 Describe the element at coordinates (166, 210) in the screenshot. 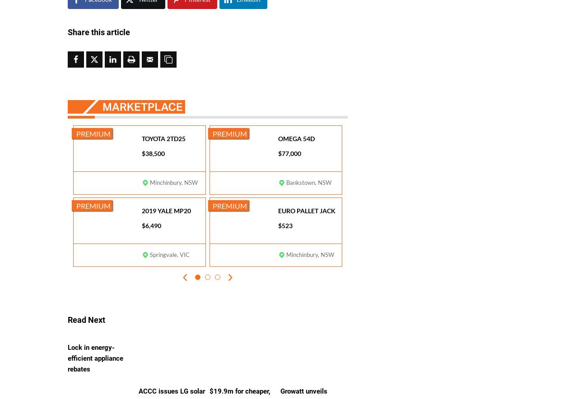

I see `'2019 YALE MP20'` at that location.